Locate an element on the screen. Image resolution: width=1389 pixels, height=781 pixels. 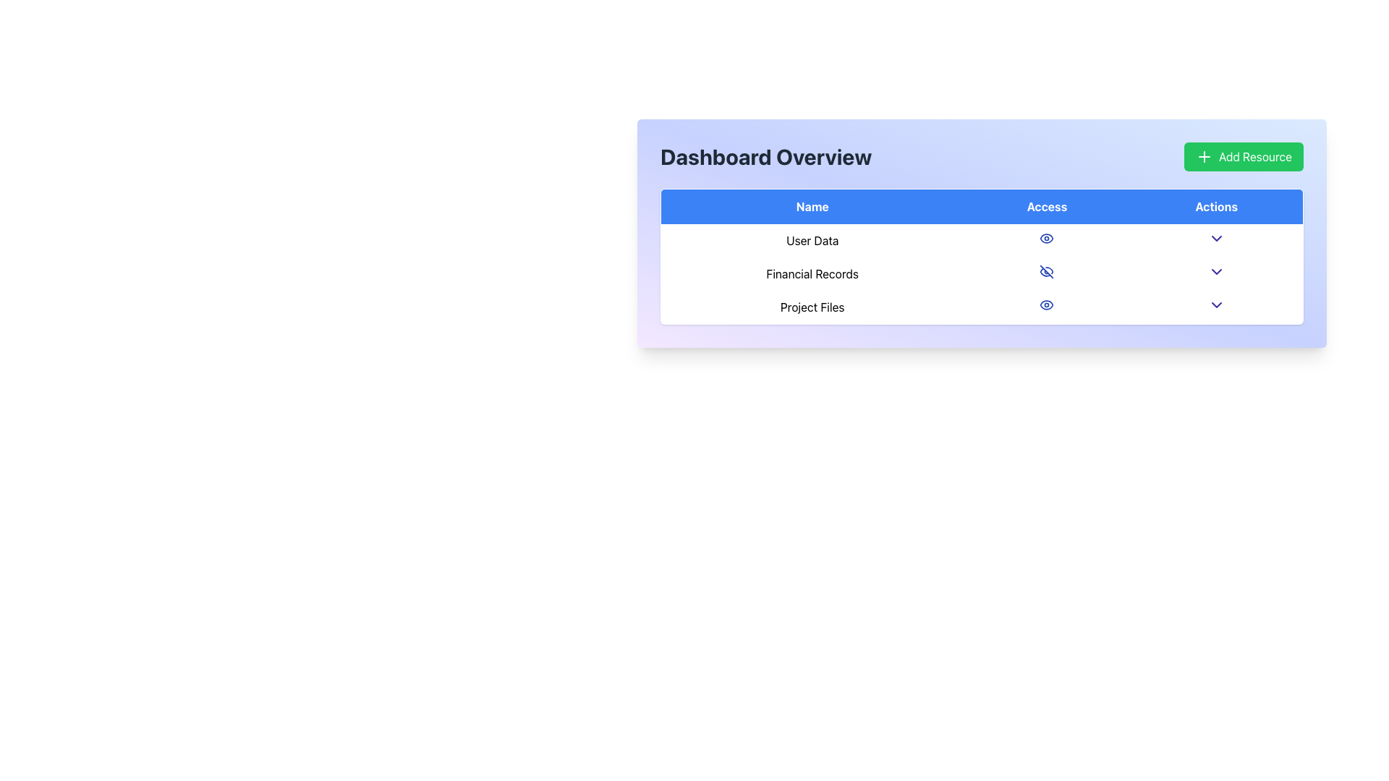
the Dropdown trigger button (Chevron icon) in the 'Actions' column of the first row is located at coordinates (1215, 238).